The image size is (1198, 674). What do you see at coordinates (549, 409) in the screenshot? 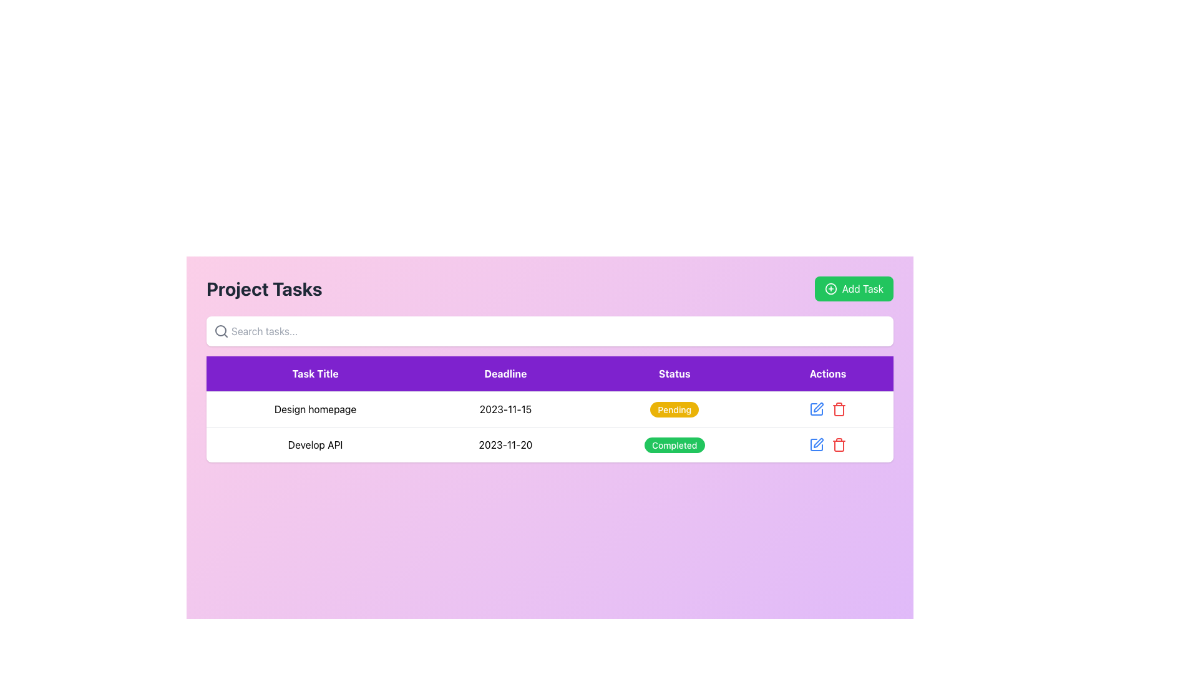
I see `the first row item in the 'Project Tasks' section, which contains the task title 'Design homepage', deadline '2023-11-15', and status 'Pending' with a yellow background` at bounding box center [549, 409].